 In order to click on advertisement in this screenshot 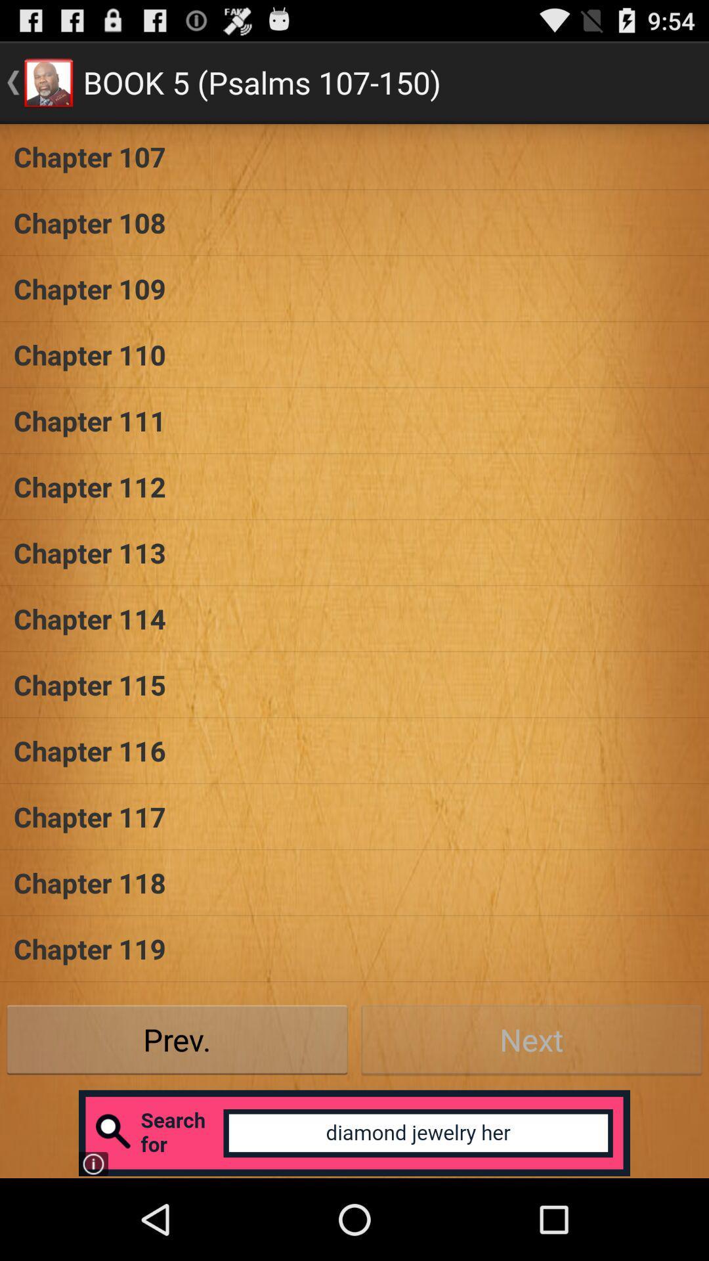, I will do `click(354, 1132)`.